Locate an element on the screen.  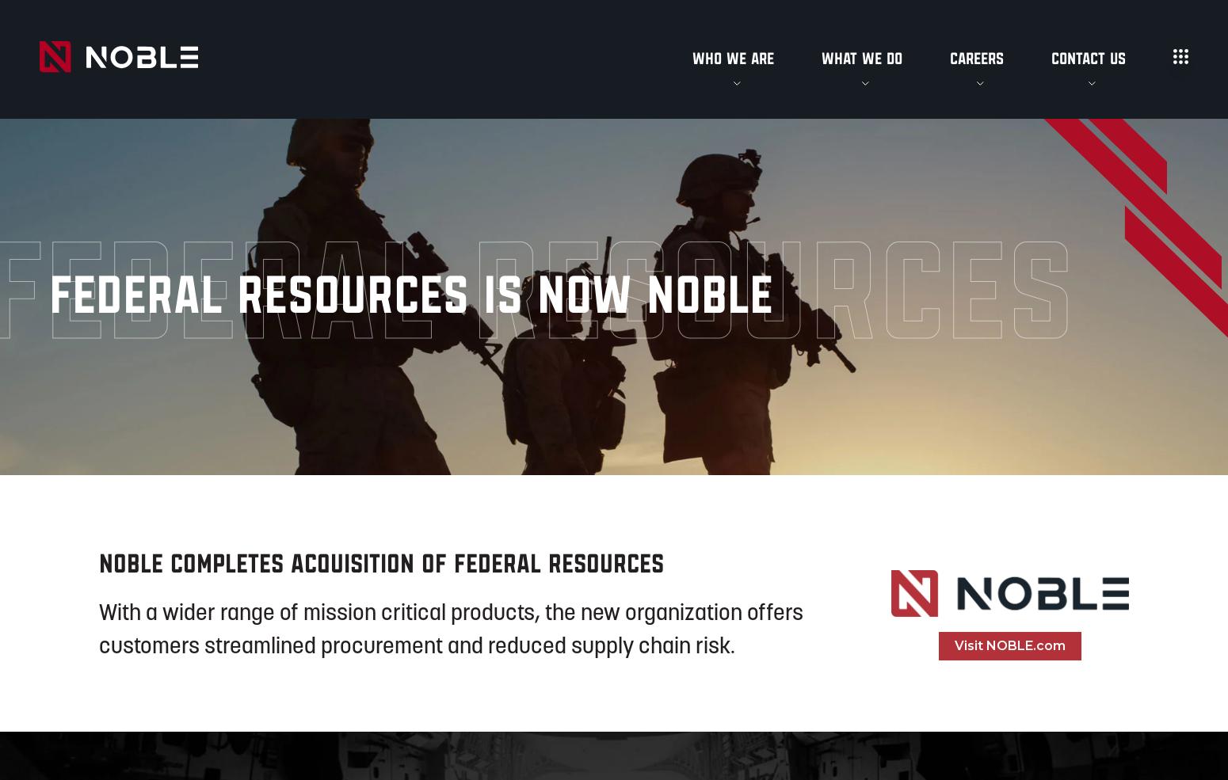
'What We Do' is located at coordinates (860, 57).